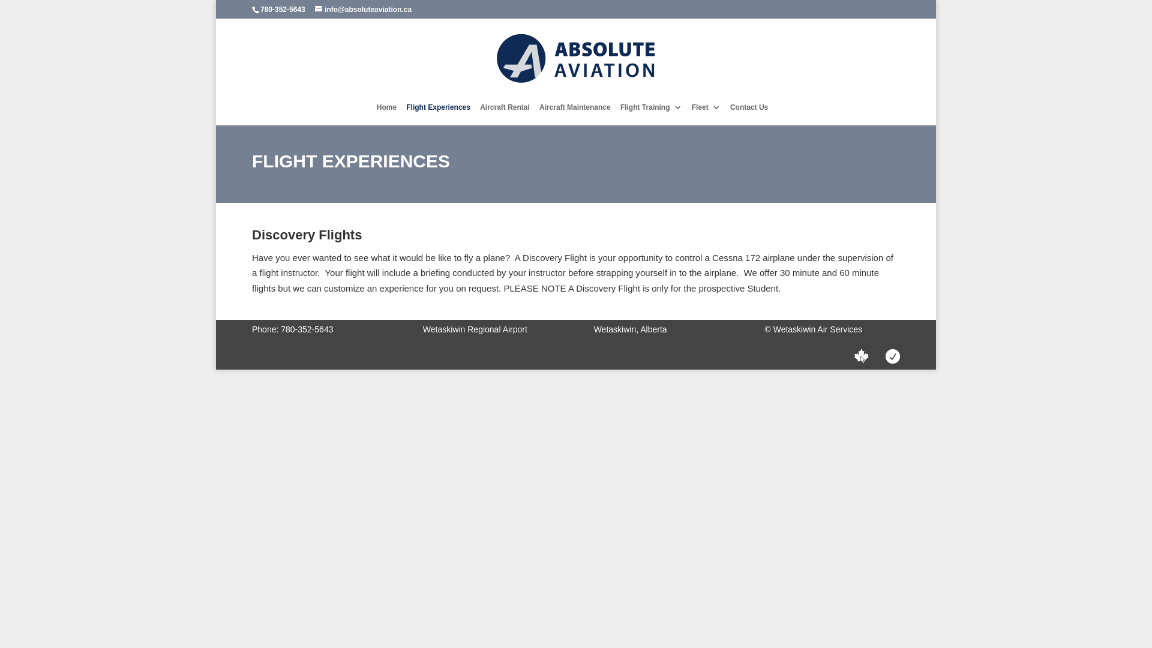 This screenshot has height=648, width=1152. Describe the element at coordinates (362, 9) in the screenshot. I see `'info@absoluteaviation.ca'` at that location.